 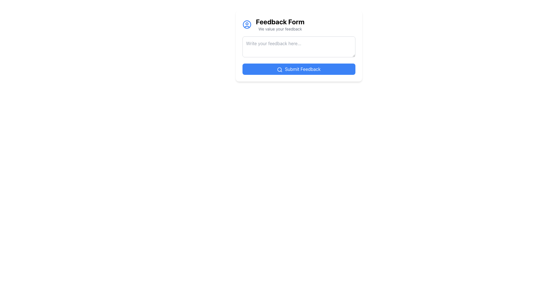 I want to click on the 'Feedback Form' text element, which consists of a bold, large-sized title and a smaller gray message, centrally aligned within a feedback card UI, so click(x=280, y=24).